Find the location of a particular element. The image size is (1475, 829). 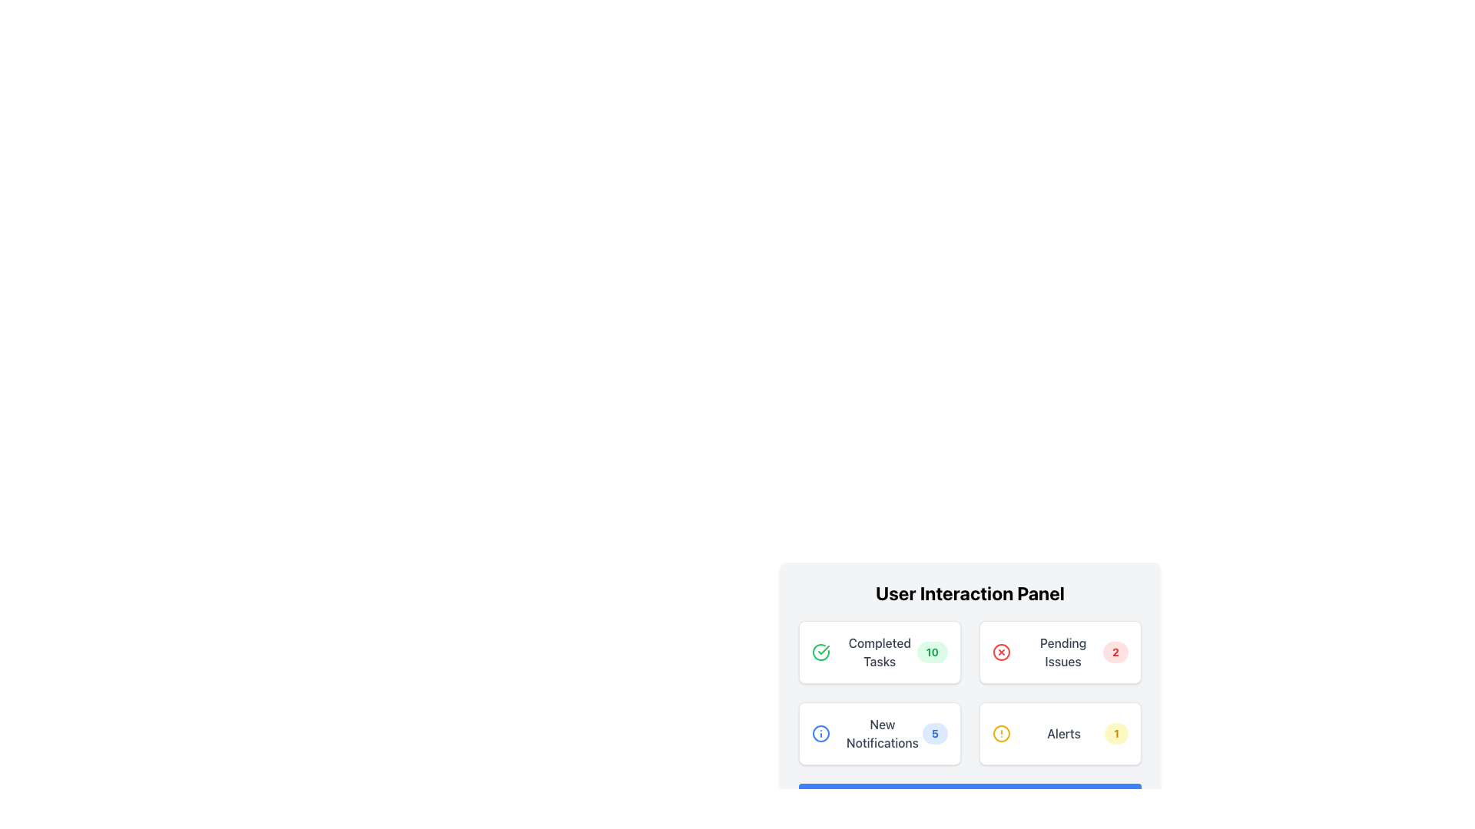

the icon indicating pending issues, located to the left of the number '2' within the 'Pending Issues' card in the User Interaction Panel is located at coordinates (1002, 652).